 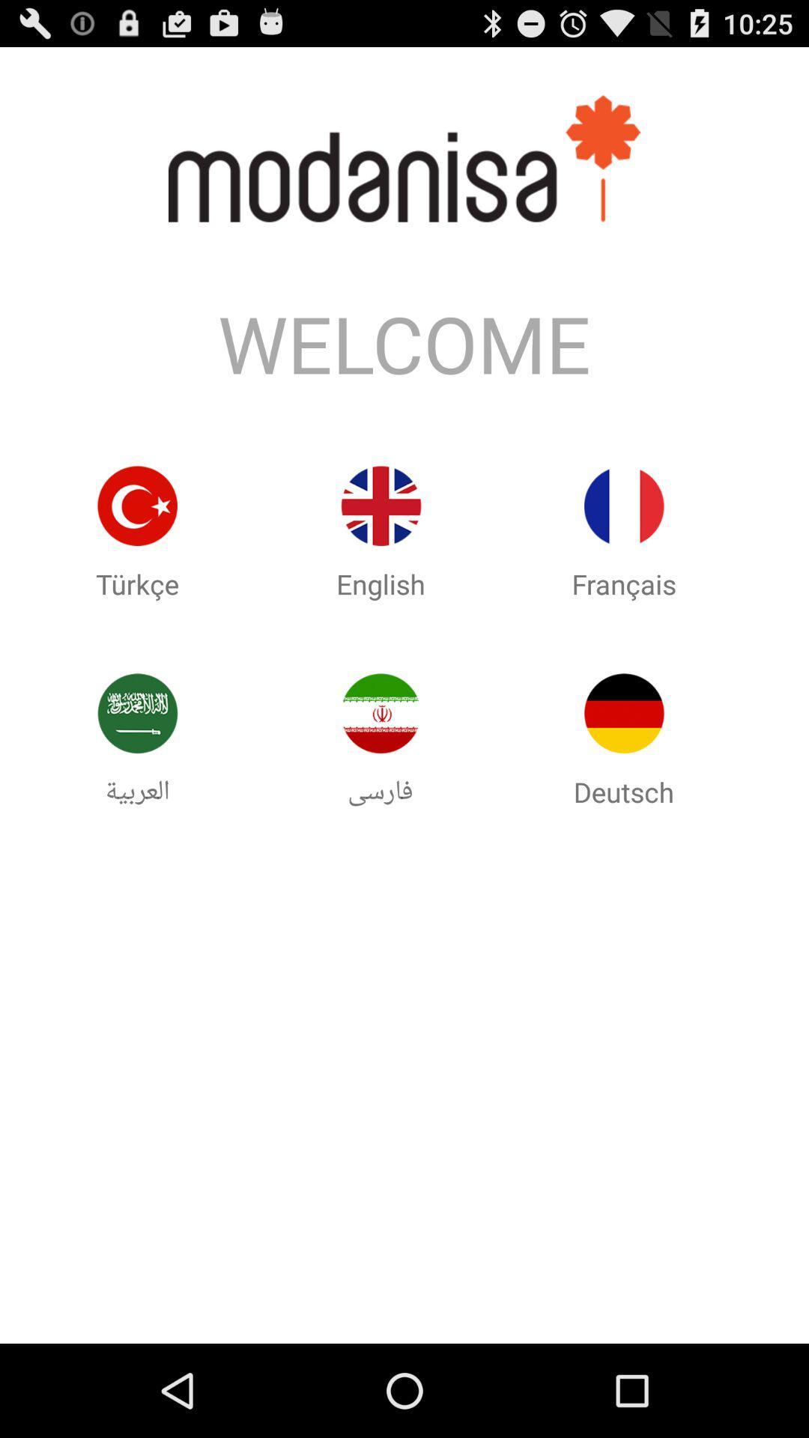 I want to click on switch to english language, so click(x=380, y=506).